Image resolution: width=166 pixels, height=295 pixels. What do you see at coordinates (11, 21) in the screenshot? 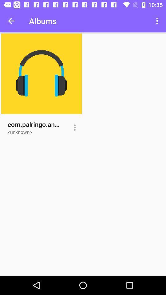
I see `icon next to the albums item` at bounding box center [11, 21].